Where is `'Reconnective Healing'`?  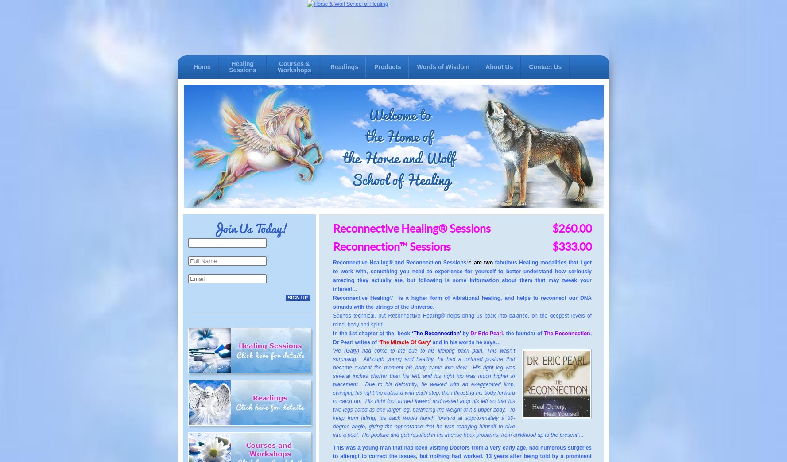 'Reconnective Healing' is located at coordinates (333, 263).